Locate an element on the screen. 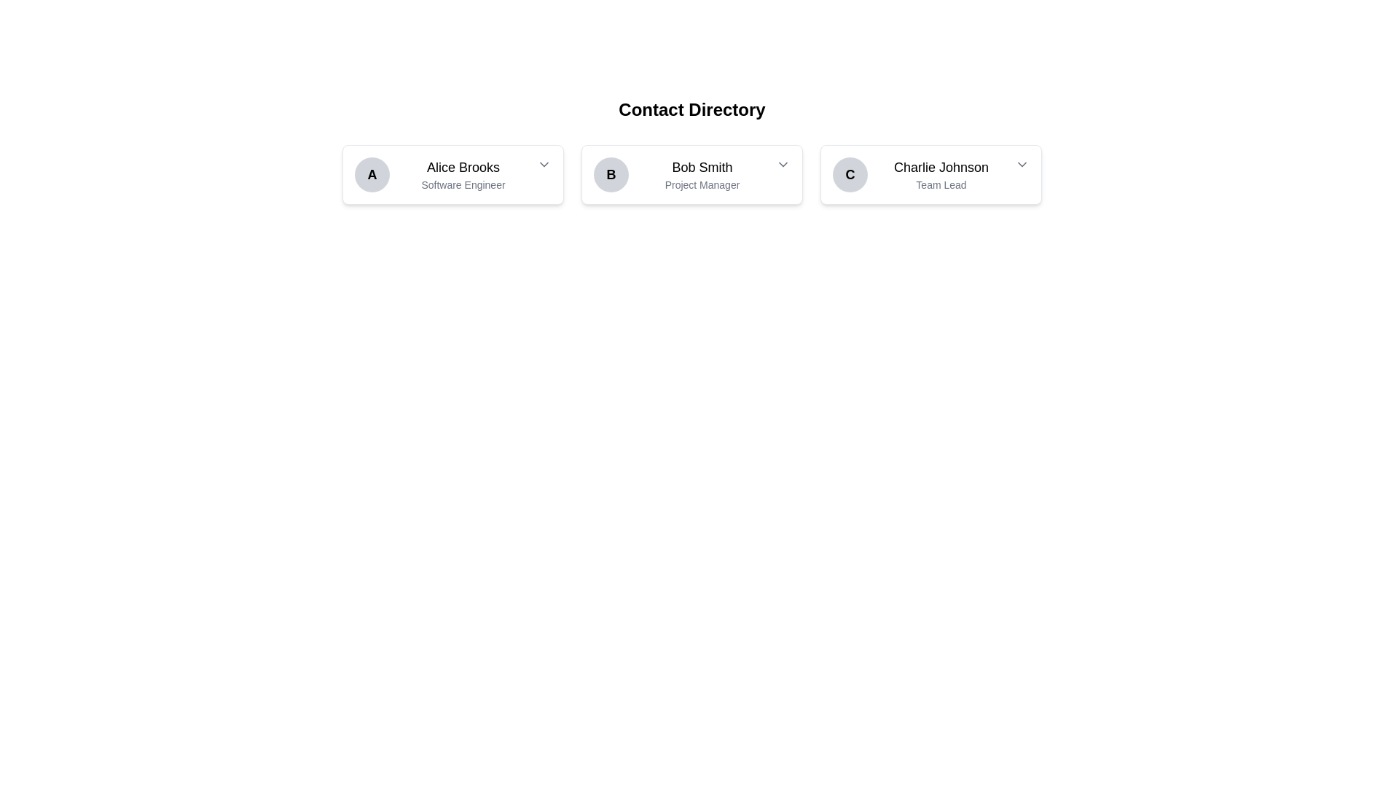 The width and height of the screenshot is (1399, 787). the first contact card in the directory is located at coordinates (452, 173).